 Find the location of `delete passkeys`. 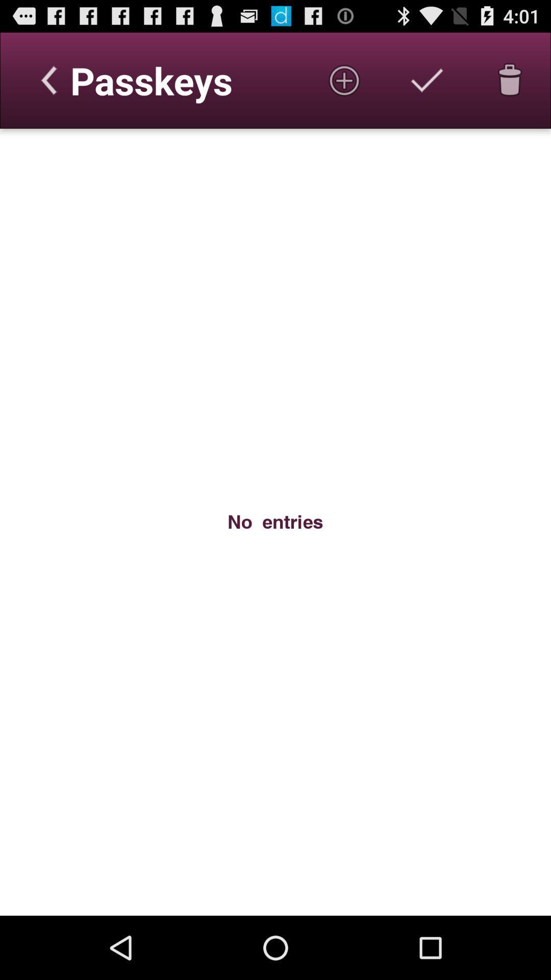

delete passkeys is located at coordinates (510, 80).